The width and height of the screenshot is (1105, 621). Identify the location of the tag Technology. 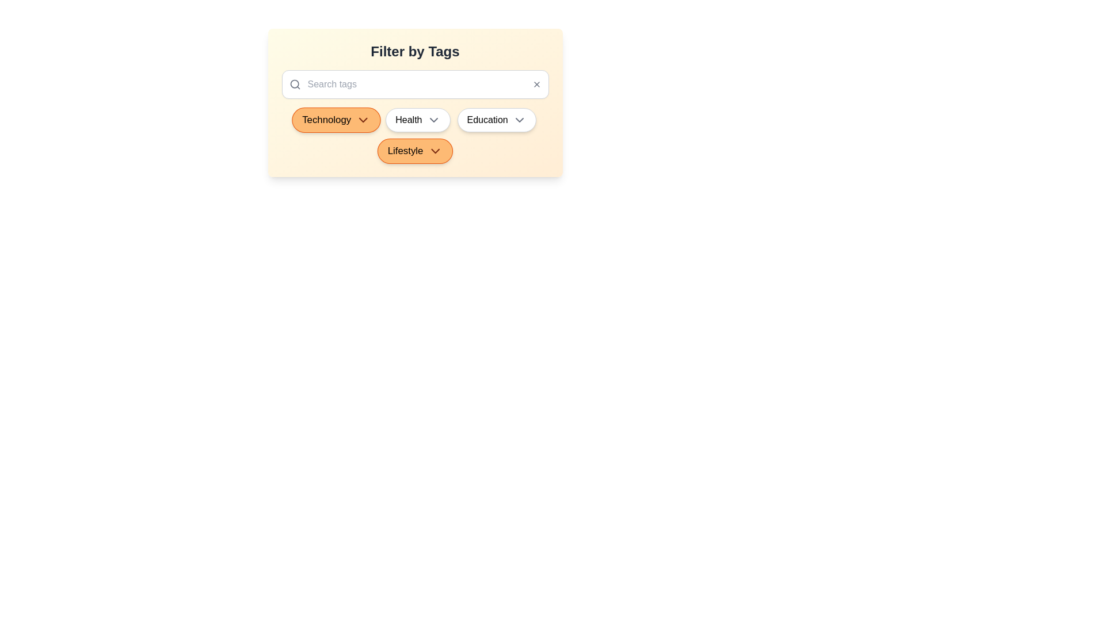
(336, 120).